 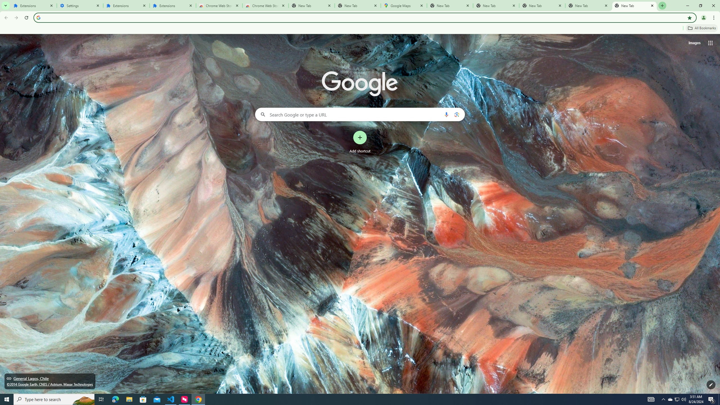 I want to click on 'Google Maps', so click(x=403, y=5).